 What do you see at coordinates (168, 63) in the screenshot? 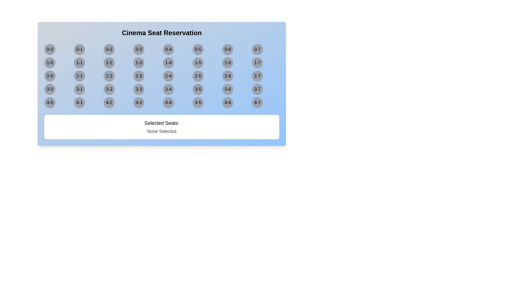
I see `the circular button labeled '1-4' with a light gray background` at bounding box center [168, 63].